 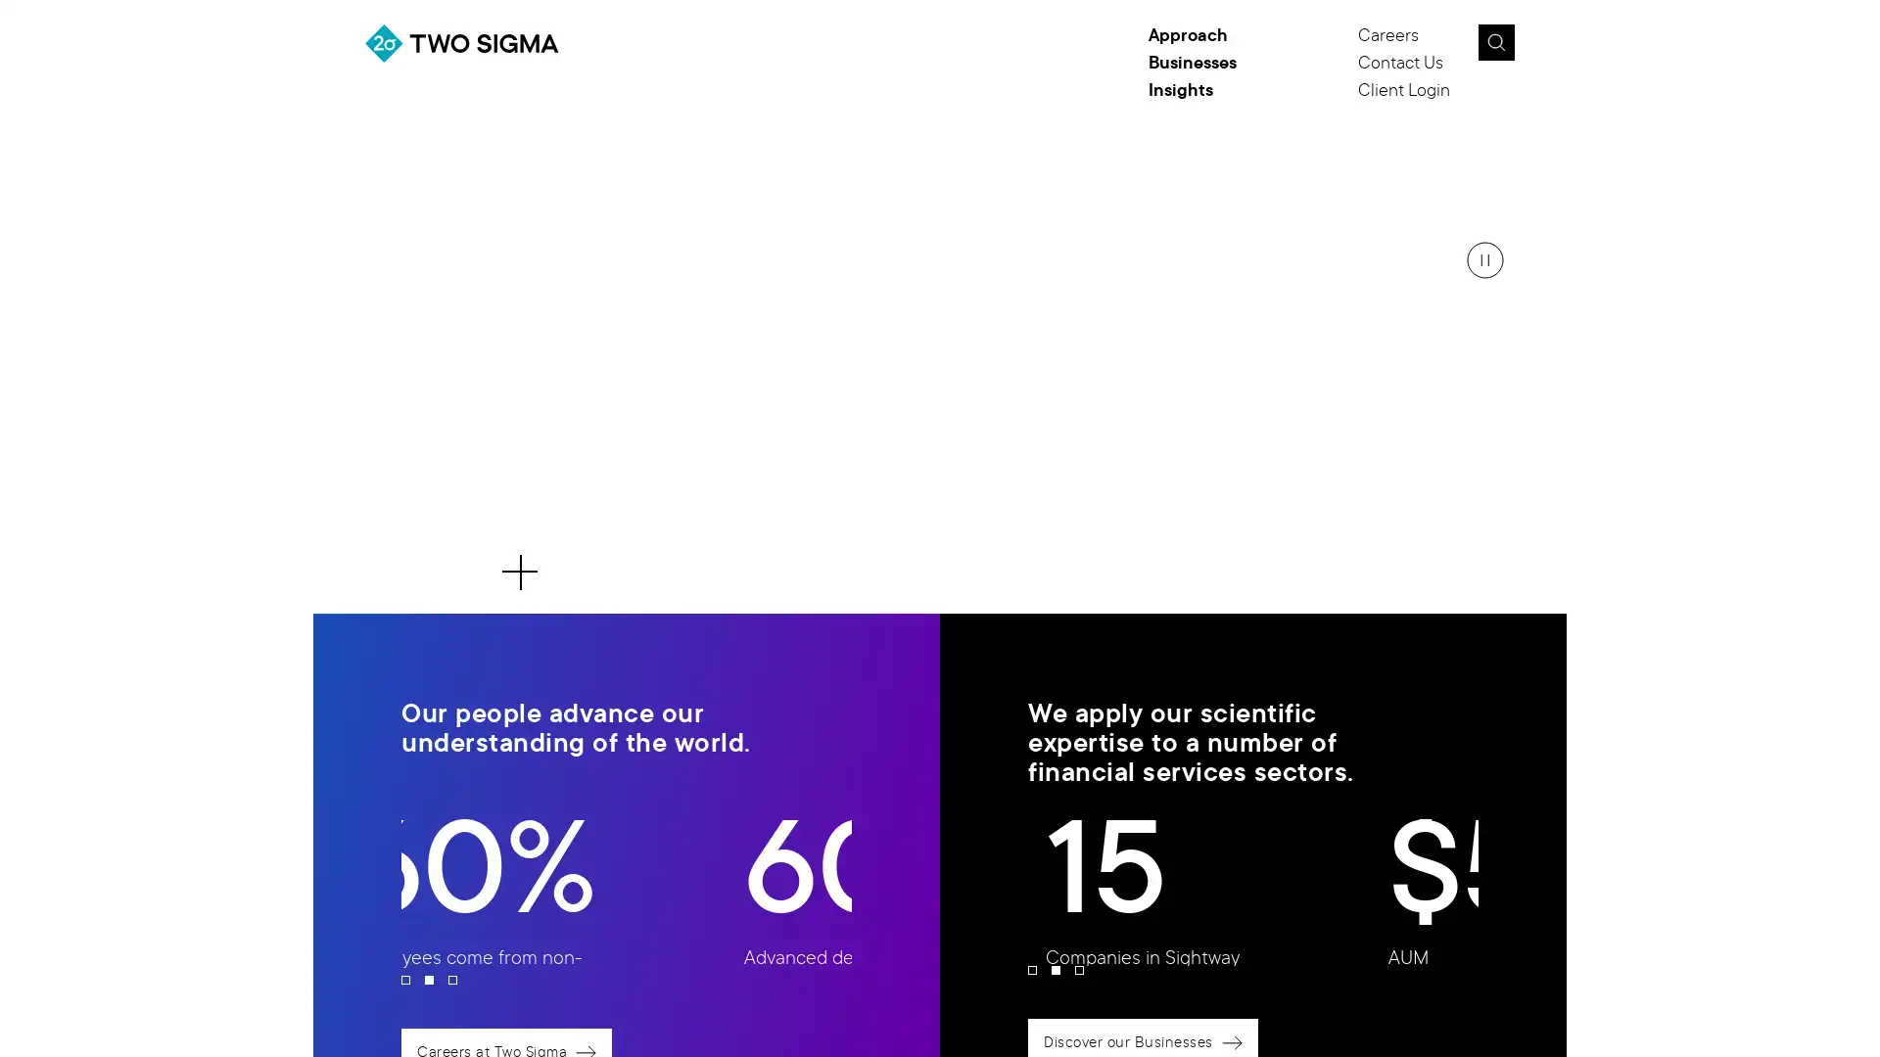 I want to click on Search, so click(x=1494, y=42).